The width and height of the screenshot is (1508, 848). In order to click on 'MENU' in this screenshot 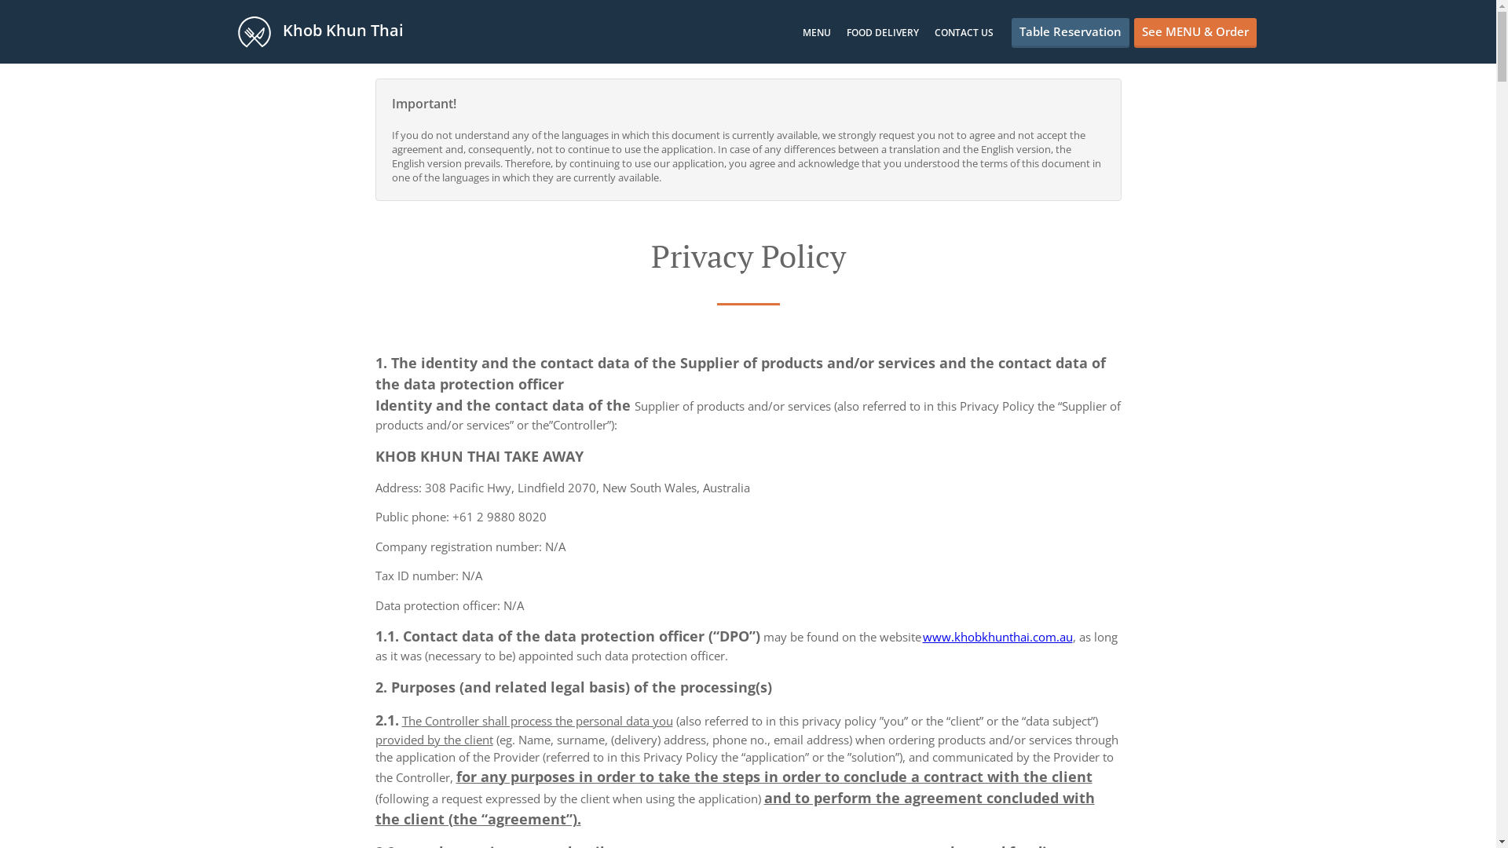, I will do `click(803, 32)`.